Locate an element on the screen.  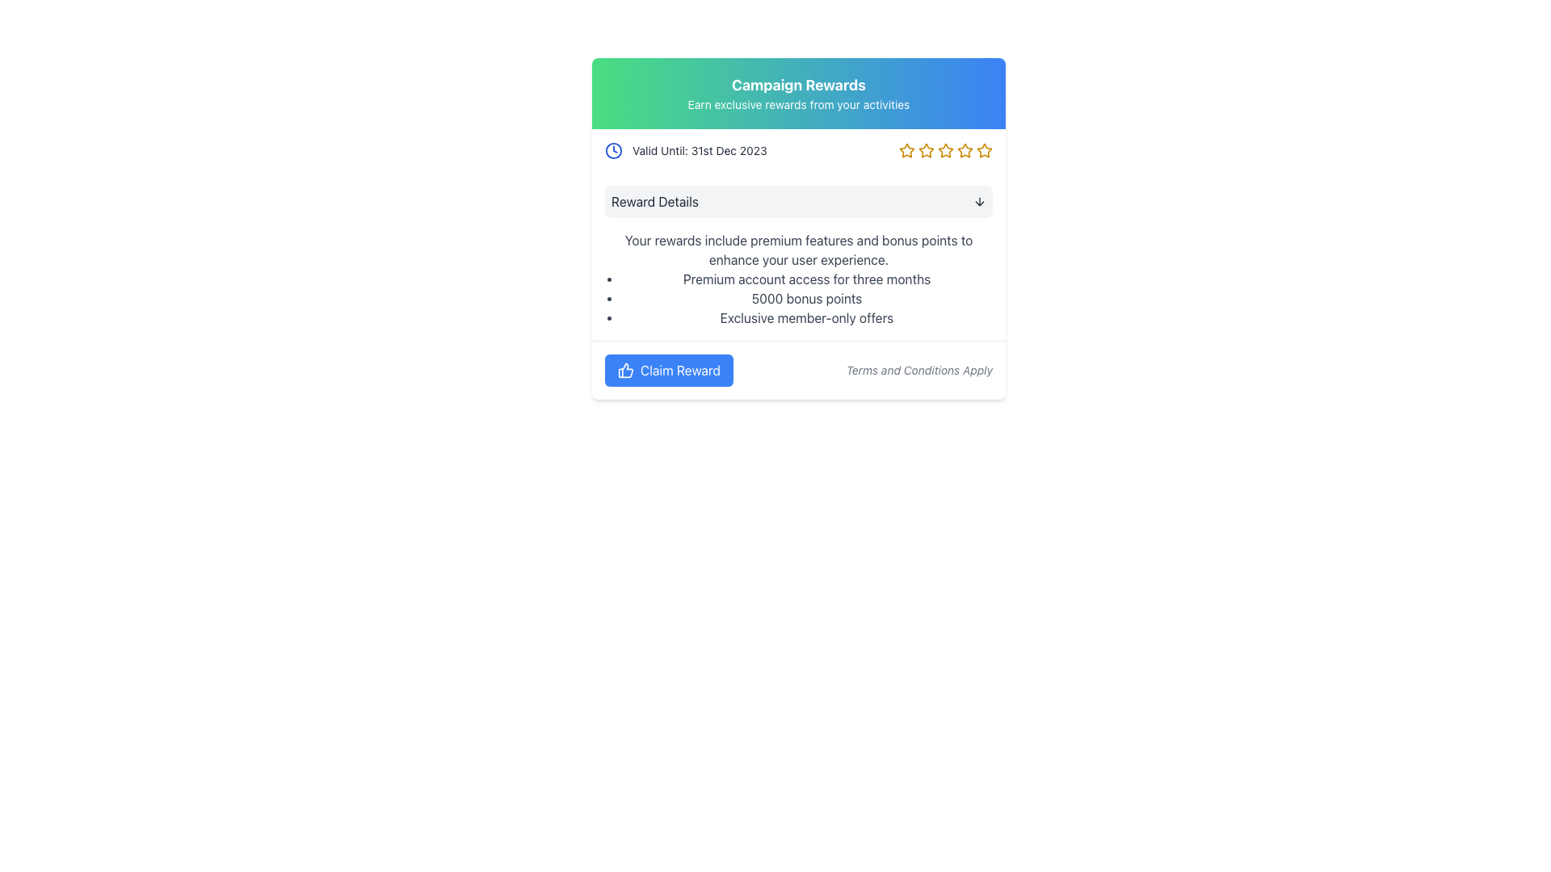
the fourth star-shaped icon from the left, which is golden in color and located near the top center of the interface, right of the text 'Valid Until: 31st Dec 2023' is located at coordinates (946, 150).